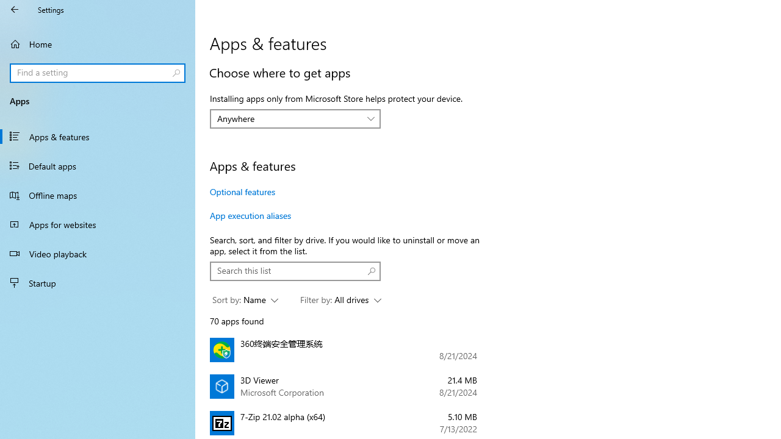 This screenshot has width=781, height=439. I want to click on 'Apps for websites', so click(98, 224).